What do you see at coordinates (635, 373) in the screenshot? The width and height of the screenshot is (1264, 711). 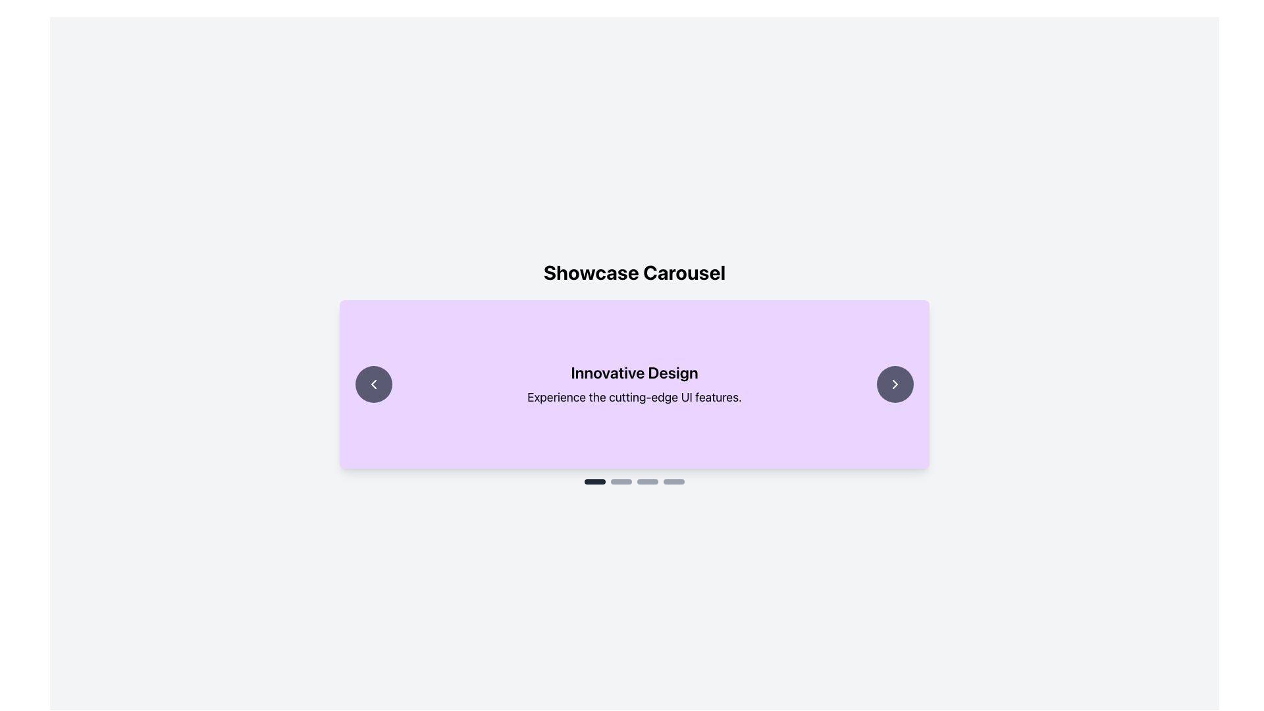 I see `text from the Text Label that serves as a heading or title for the section, positioned above the sibling element displaying 'Experience the cutting-edge UI features.'` at bounding box center [635, 373].